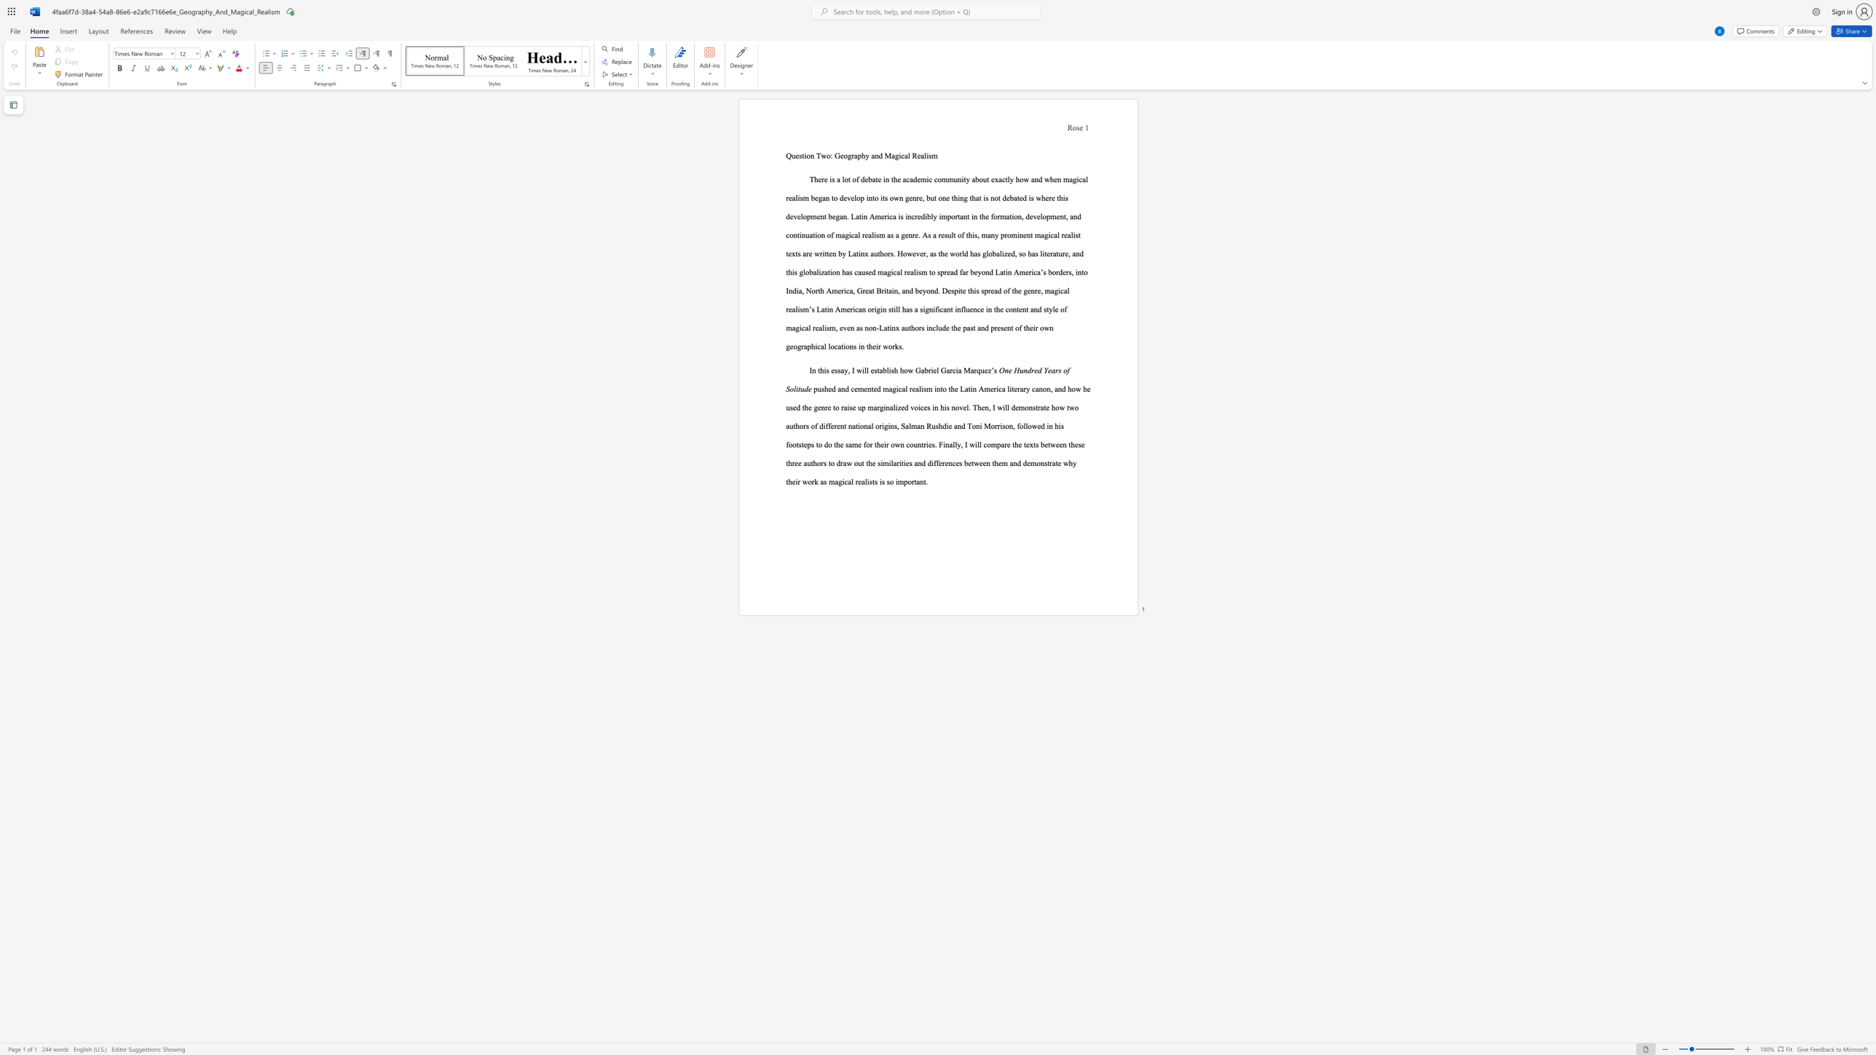 The height and width of the screenshot is (1055, 1876). I want to click on the 8th character "r" in the text, so click(998, 216).